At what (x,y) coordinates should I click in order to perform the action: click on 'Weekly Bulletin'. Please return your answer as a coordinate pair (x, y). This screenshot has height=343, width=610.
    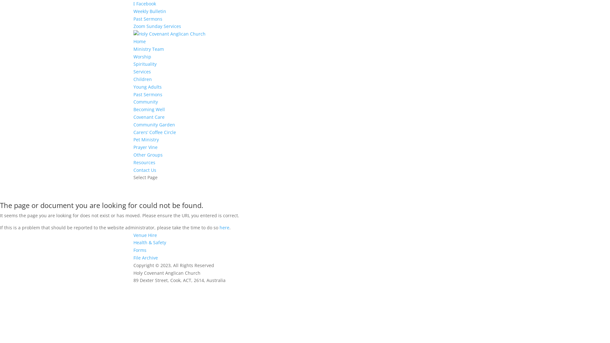
    Looking at the image, I should click on (149, 11).